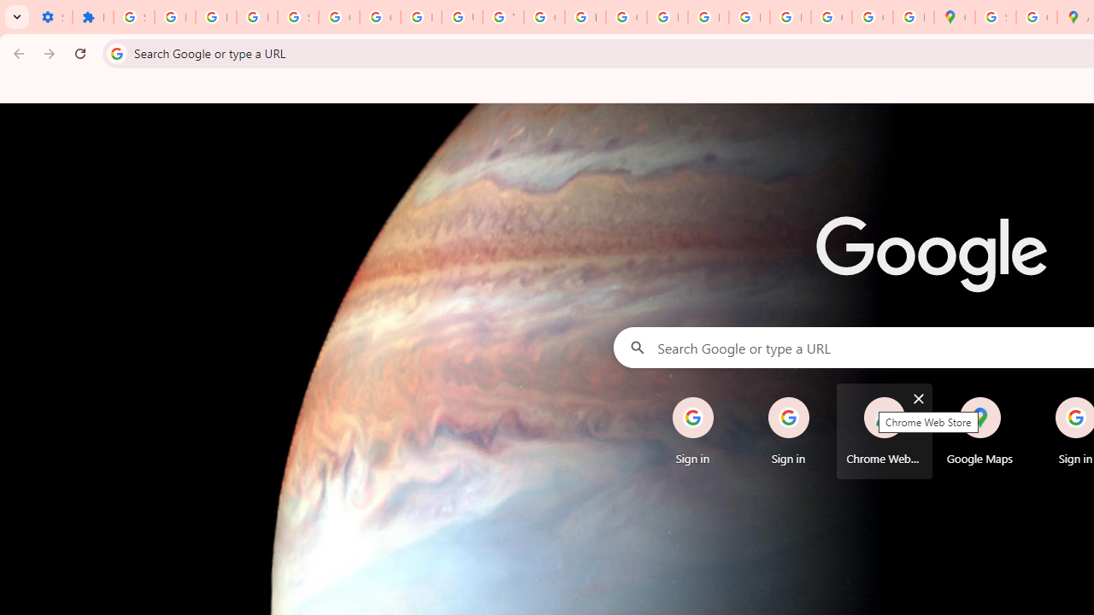 The width and height of the screenshot is (1094, 615). I want to click on 'Create your Google Account', so click(1035, 17).